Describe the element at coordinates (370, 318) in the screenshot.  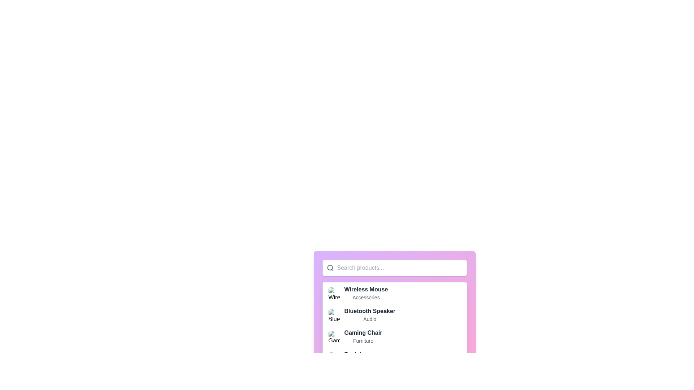
I see `the text label that reads 'Audio', which is styled in gray and located directly underneath 'Bluetooth Speaker' in a vertical list` at that location.